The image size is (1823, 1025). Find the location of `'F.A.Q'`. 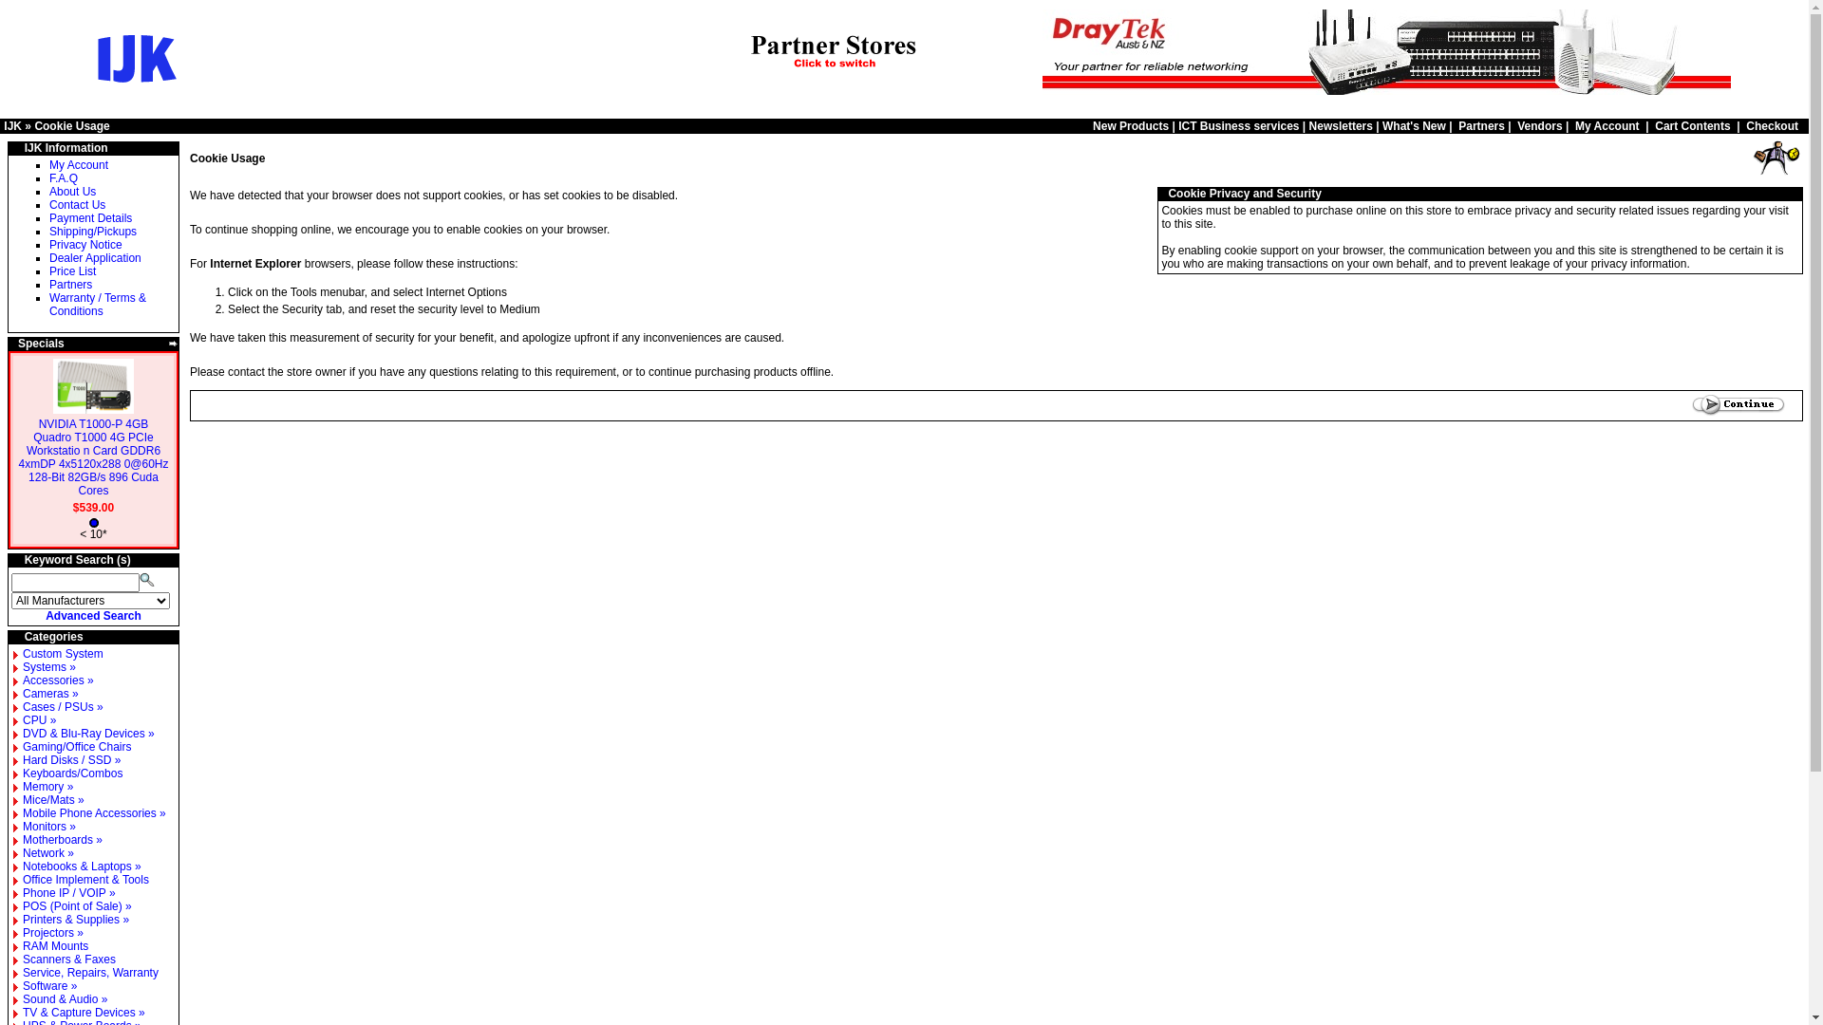

'F.A.Q' is located at coordinates (49, 178).